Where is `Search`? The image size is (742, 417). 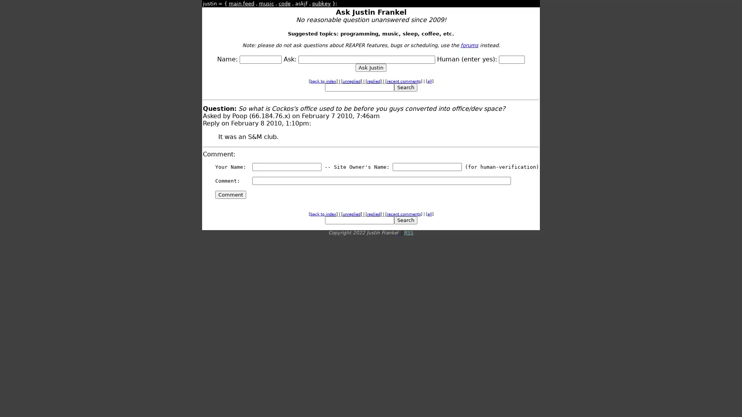 Search is located at coordinates (405, 87).